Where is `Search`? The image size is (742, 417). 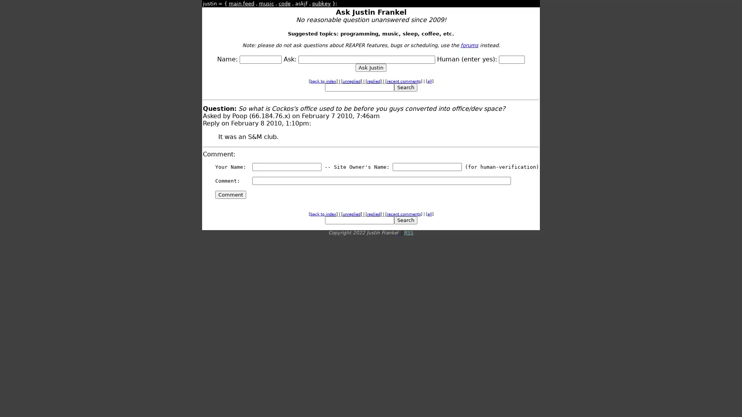 Search is located at coordinates (405, 87).